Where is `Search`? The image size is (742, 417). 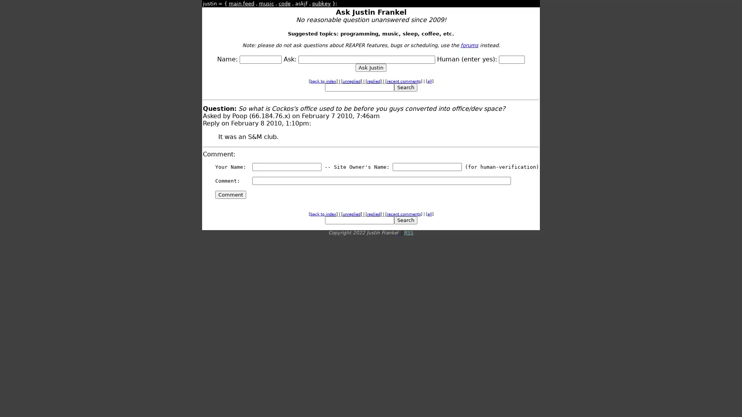 Search is located at coordinates (405, 87).